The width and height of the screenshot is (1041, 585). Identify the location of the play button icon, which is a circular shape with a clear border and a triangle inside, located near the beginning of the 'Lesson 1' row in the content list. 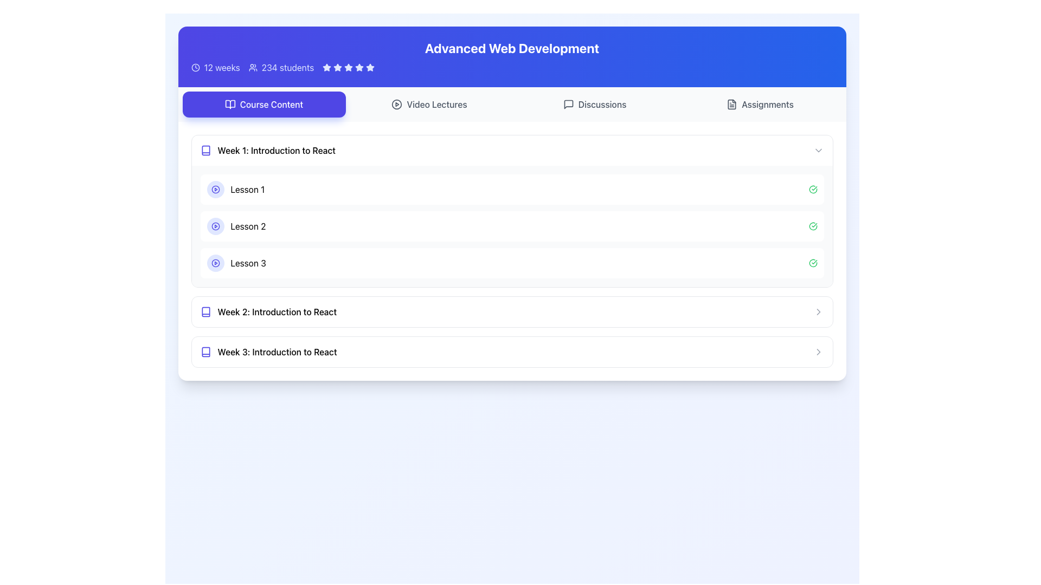
(215, 189).